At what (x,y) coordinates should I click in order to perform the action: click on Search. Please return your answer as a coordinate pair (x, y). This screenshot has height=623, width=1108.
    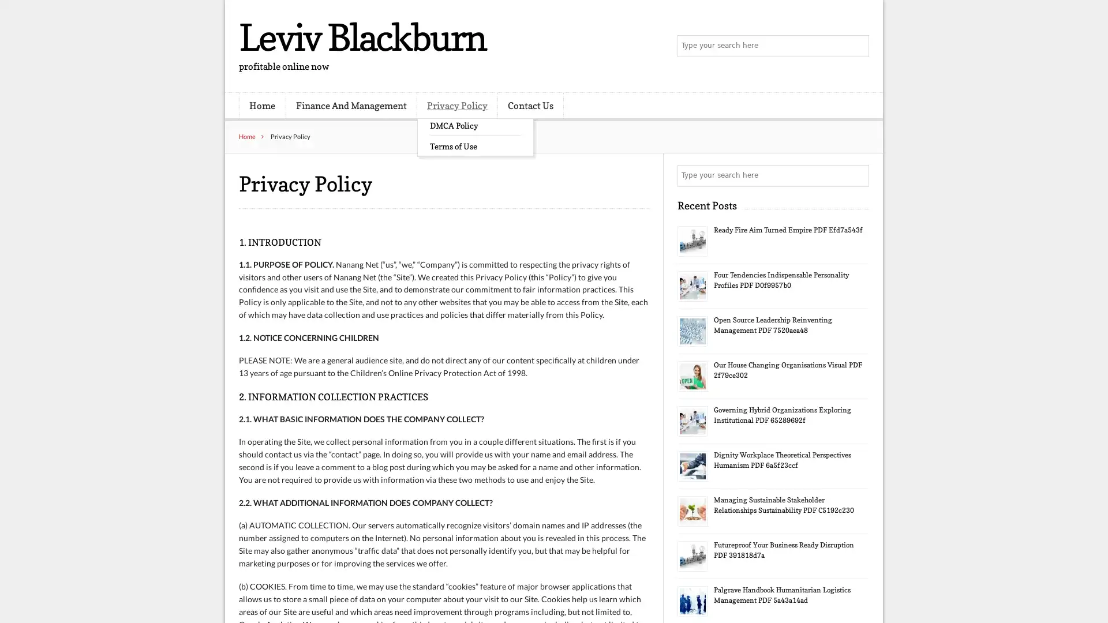
    Looking at the image, I should click on (857, 46).